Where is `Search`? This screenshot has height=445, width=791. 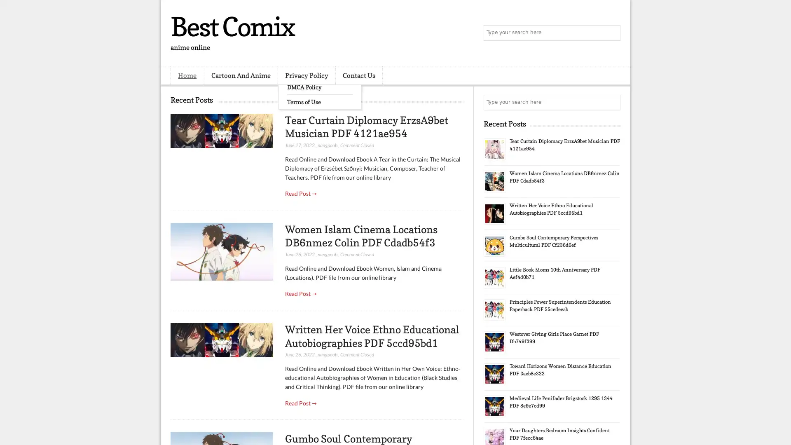
Search is located at coordinates (612, 102).